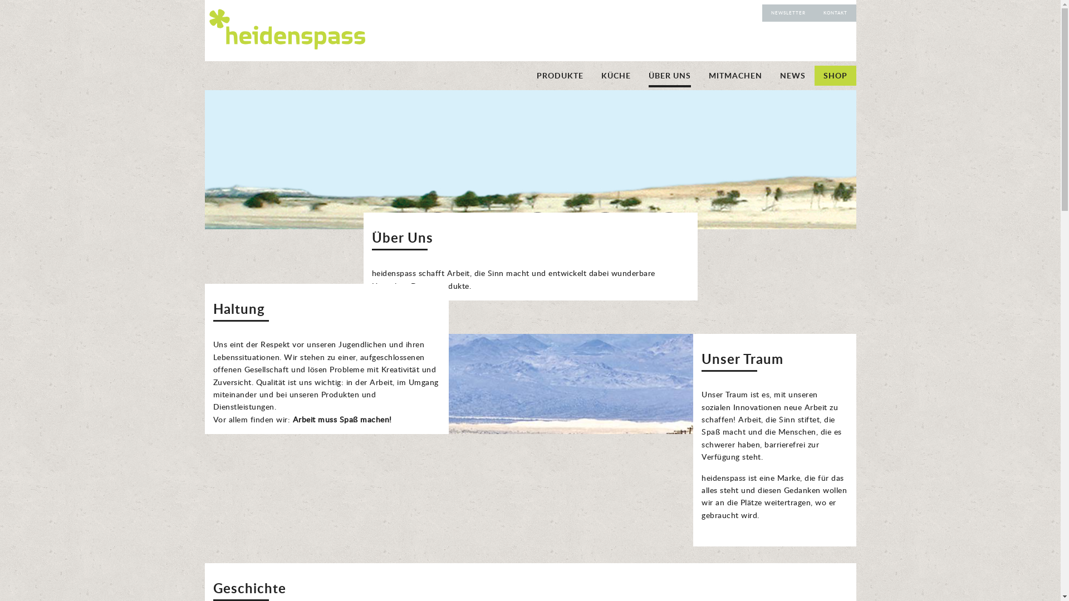 The image size is (1069, 601). I want to click on 'NEWSLETTER', so click(787, 13).